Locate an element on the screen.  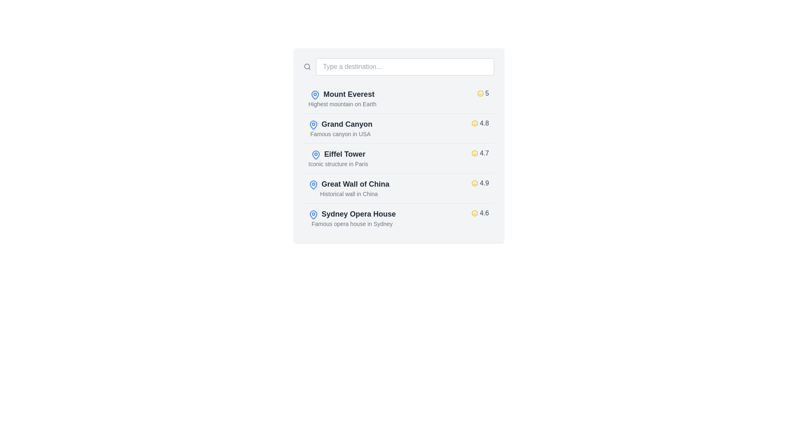
the smiling face icon representing the rating for the 'Sydney Opera House' entry, located next to the text '4.6' is located at coordinates (475, 213).